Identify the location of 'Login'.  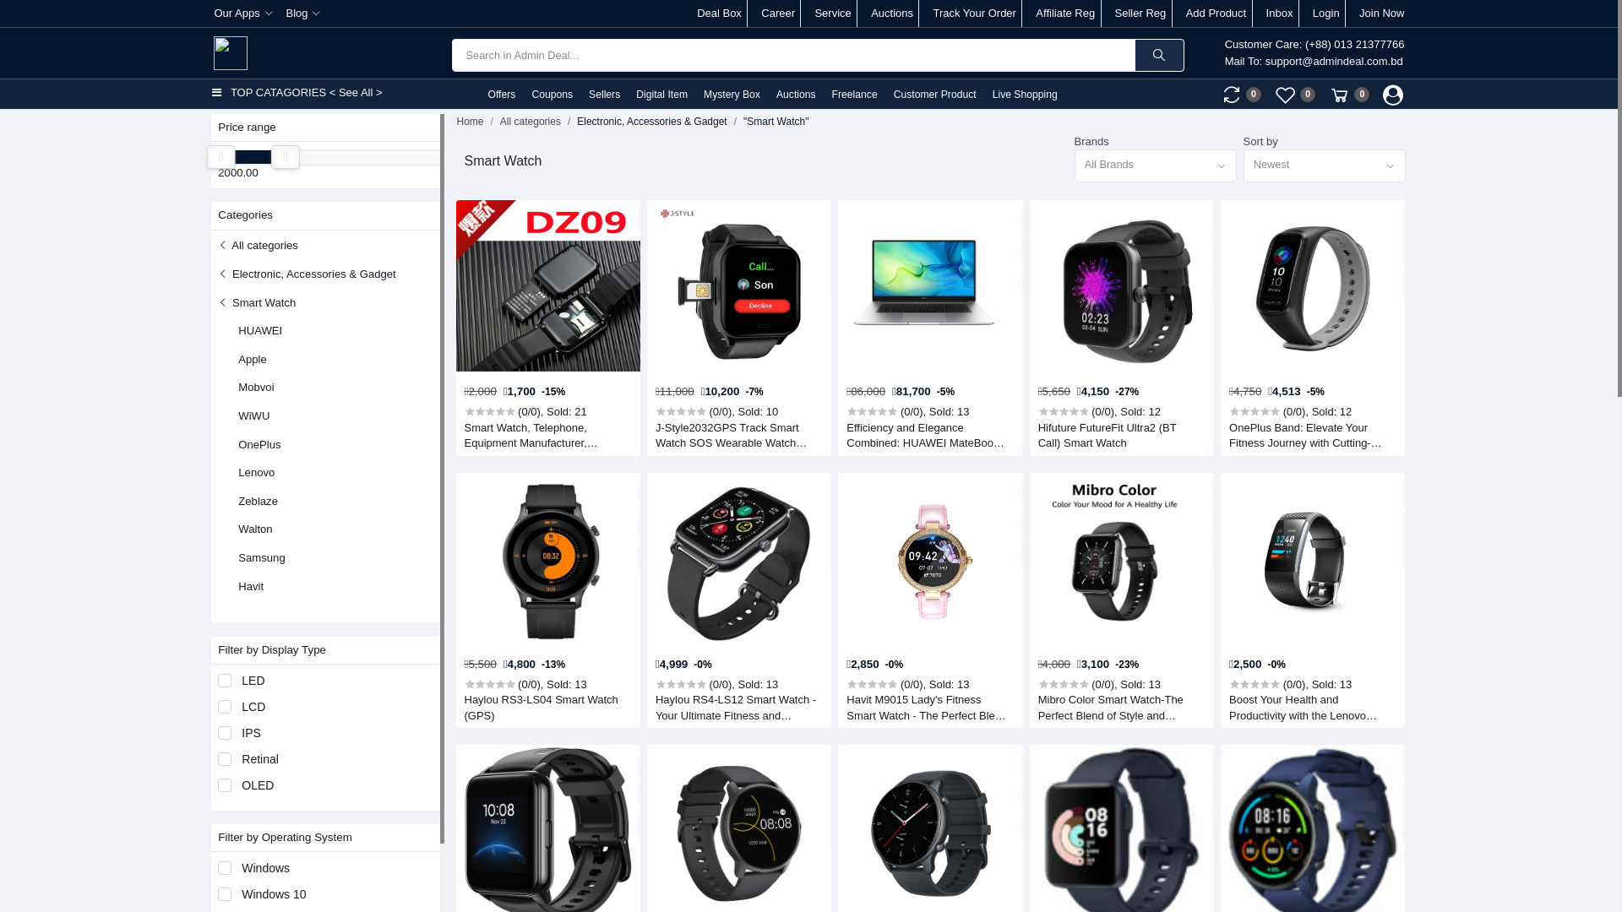
(1325, 13).